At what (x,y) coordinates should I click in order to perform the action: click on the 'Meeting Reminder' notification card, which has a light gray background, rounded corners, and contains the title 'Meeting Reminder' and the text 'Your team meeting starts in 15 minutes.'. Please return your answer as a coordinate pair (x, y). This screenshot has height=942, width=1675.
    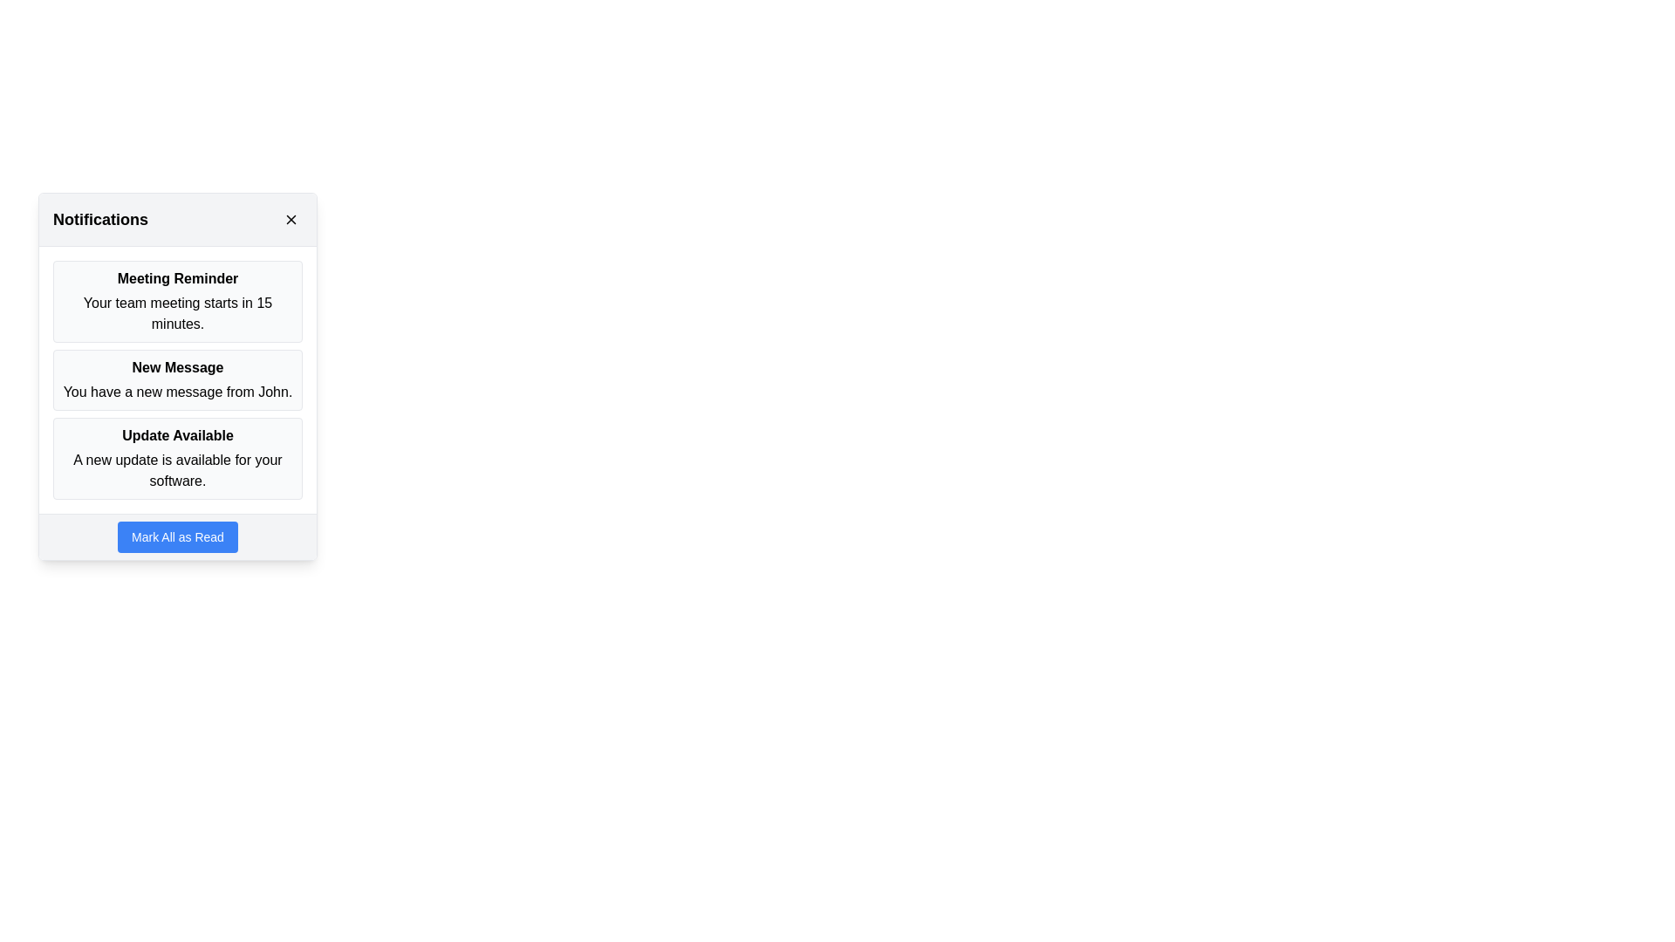
    Looking at the image, I should click on (177, 301).